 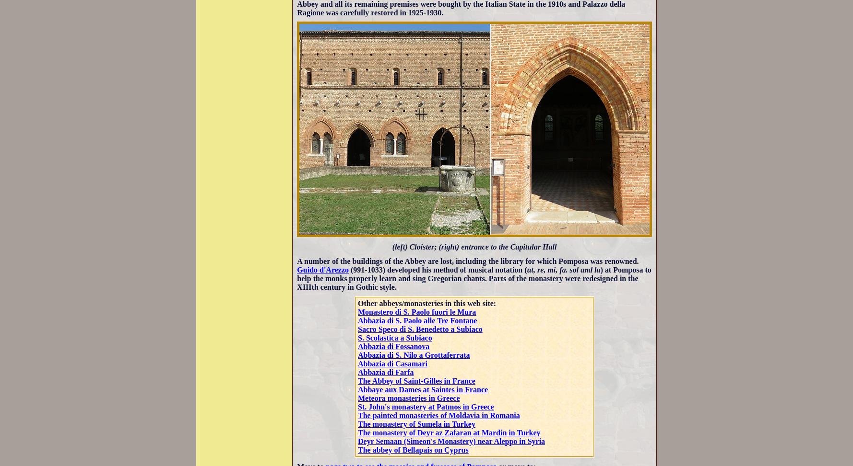 I want to click on 'St. John's monastery at Patmos in Greece', so click(x=425, y=407).